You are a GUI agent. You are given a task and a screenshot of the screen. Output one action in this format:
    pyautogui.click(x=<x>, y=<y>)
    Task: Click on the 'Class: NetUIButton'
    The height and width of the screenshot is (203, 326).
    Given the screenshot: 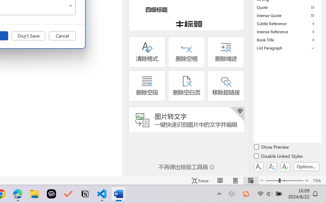 What is the action you would take?
    pyautogui.click(x=285, y=167)
    